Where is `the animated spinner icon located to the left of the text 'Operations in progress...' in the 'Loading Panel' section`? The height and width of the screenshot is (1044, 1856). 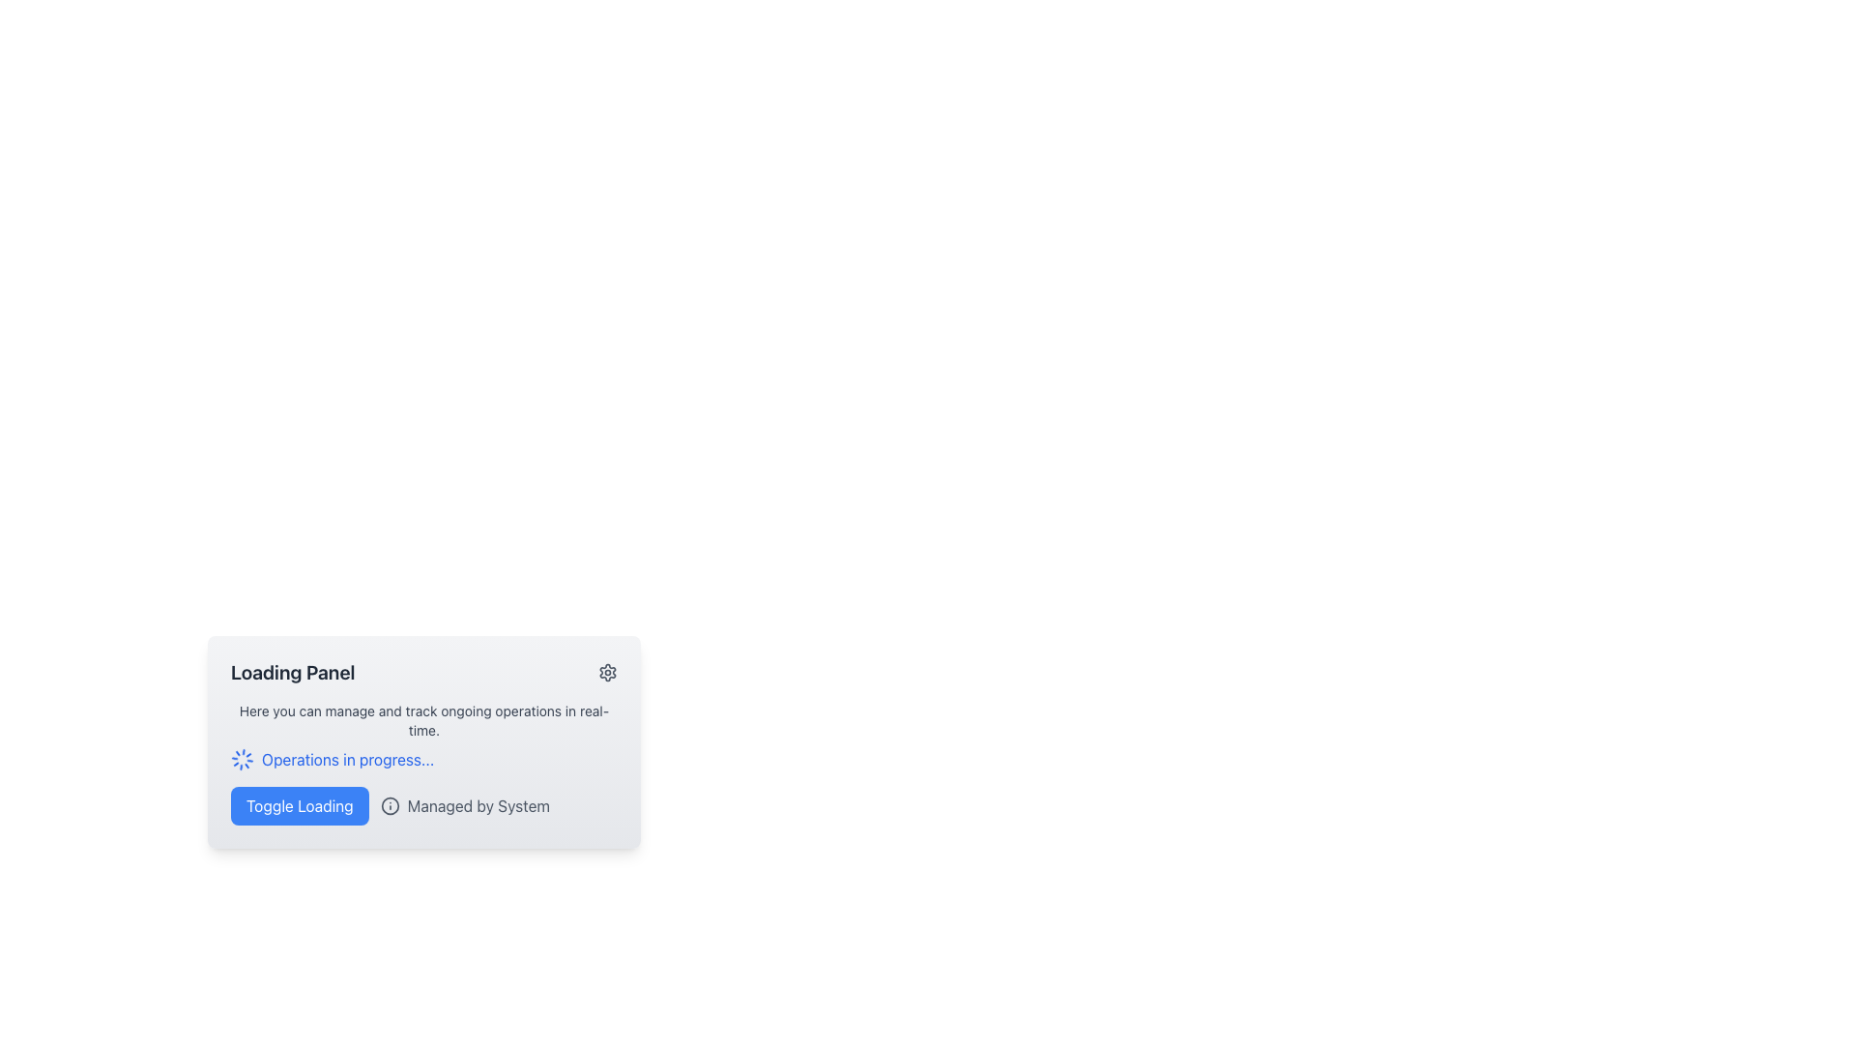 the animated spinner icon located to the left of the text 'Operations in progress...' in the 'Loading Panel' section is located at coordinates (241, 759).